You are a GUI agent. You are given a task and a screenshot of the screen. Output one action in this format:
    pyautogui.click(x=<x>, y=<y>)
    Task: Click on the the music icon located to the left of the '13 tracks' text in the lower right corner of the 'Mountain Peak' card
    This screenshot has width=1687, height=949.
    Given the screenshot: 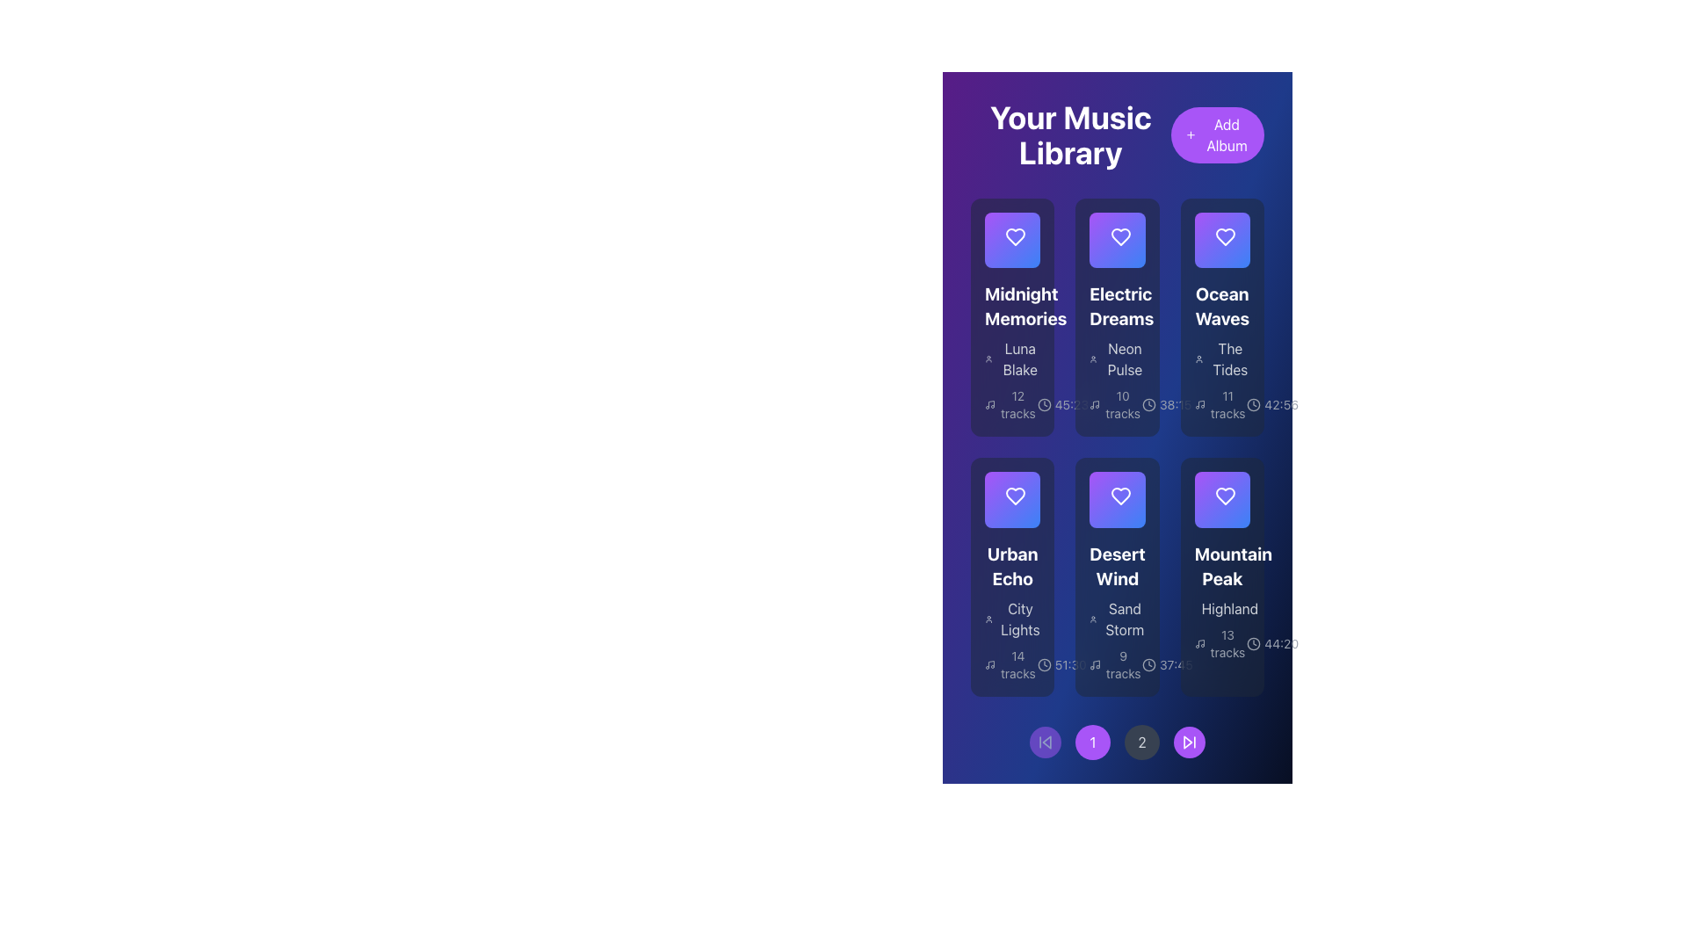 What is the action you would take?
    pyautogui.click(x=1198, y=643)
    